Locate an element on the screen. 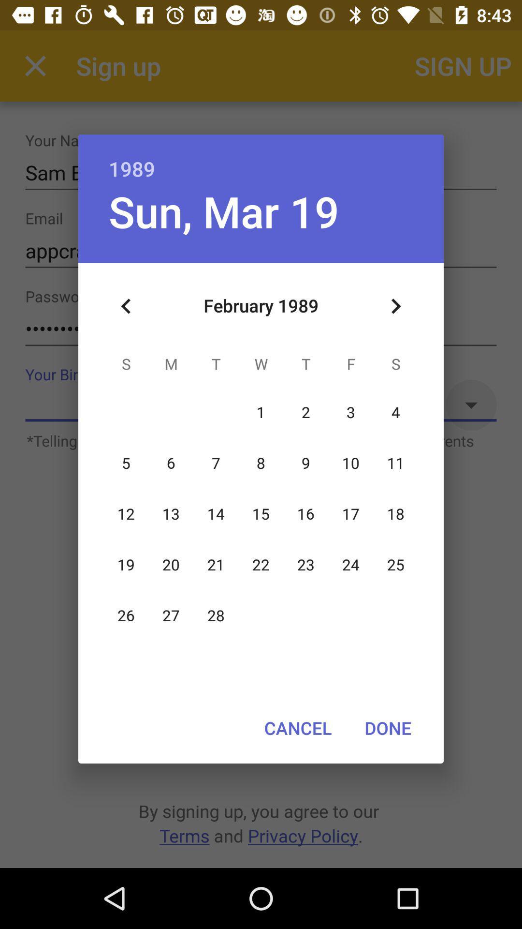 The width and height of the screenshot is (522, 929). icon next to done item is located at coordinates (297, 728).